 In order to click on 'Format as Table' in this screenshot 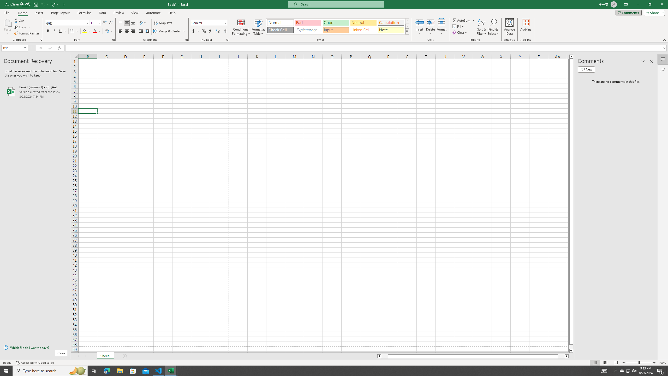, I will do `click(258, 27)`.